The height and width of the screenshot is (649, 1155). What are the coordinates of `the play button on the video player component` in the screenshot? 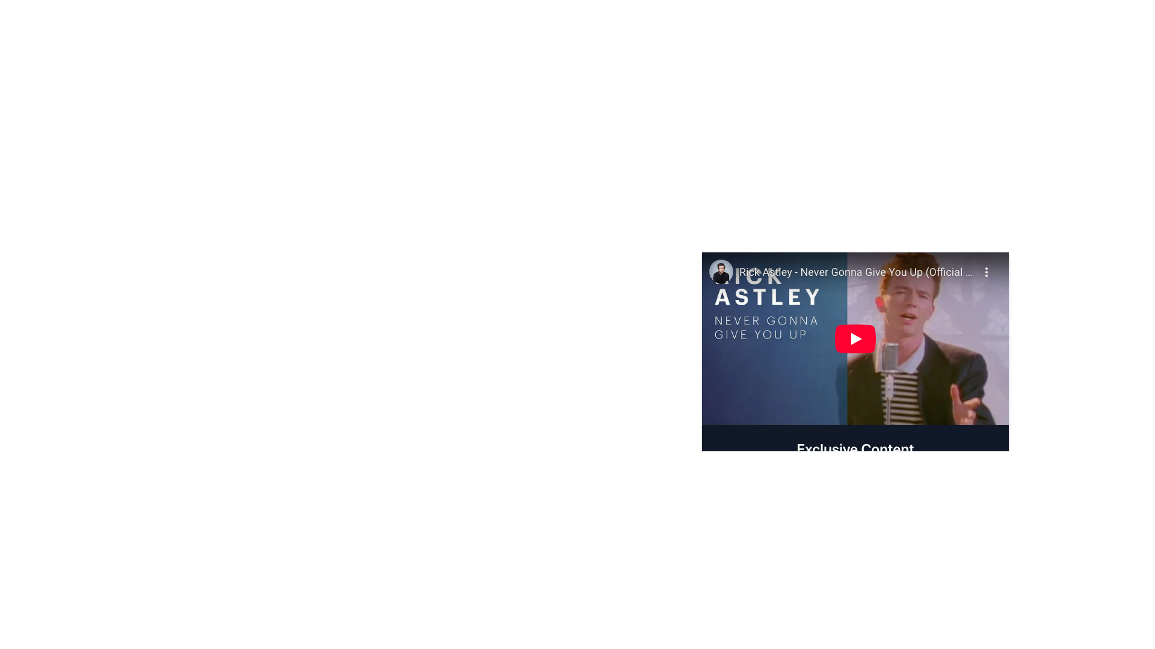 It's located at (854, 338).